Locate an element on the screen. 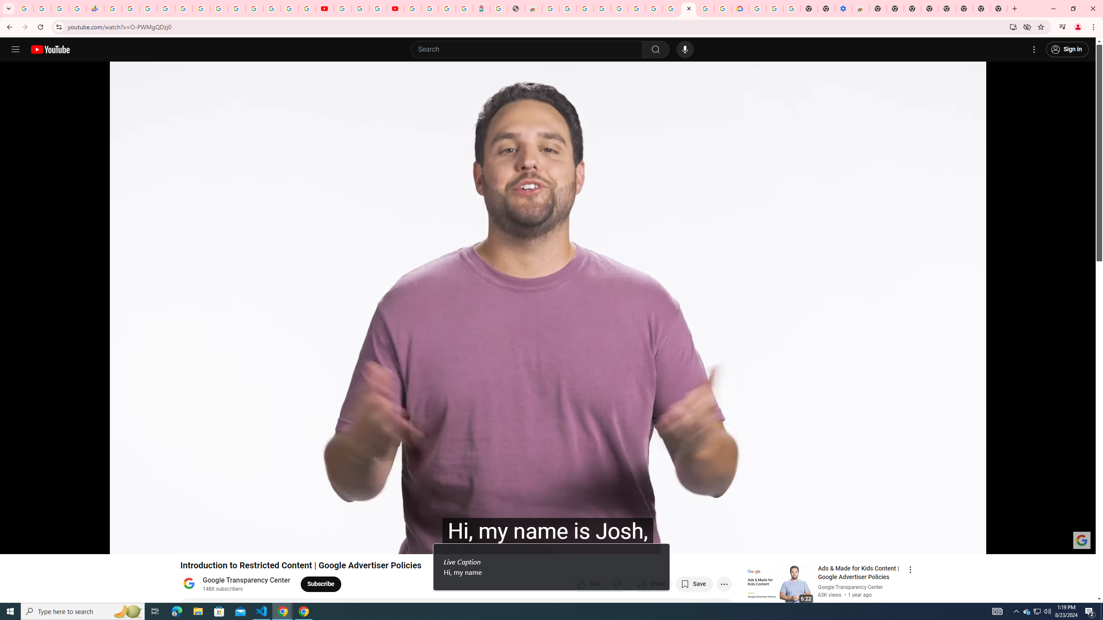  'Create your Google Account' is located at coordinates (377, 8).